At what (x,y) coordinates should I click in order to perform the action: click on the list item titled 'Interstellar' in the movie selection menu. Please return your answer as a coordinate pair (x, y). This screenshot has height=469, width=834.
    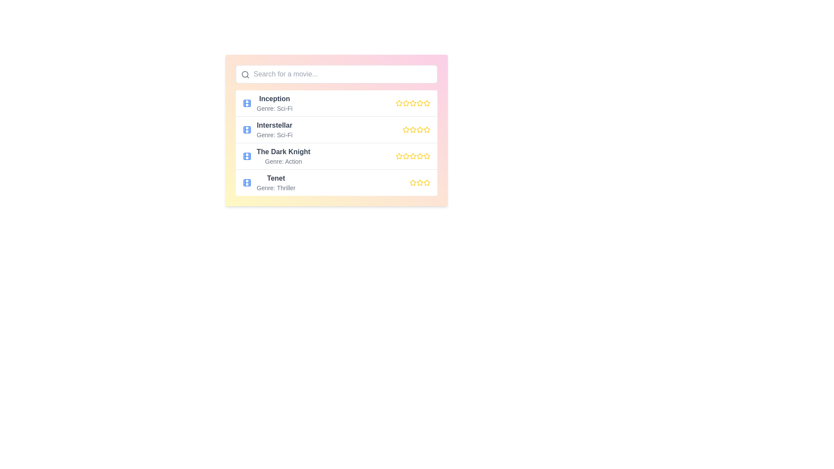
    Looking at the image, I should click on (336, 129).